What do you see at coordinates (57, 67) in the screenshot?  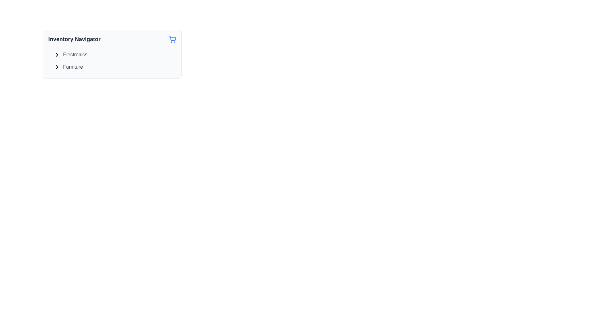 I see `the icon located to the left of the 'Furniture' text` at bounding box center [57, 67].